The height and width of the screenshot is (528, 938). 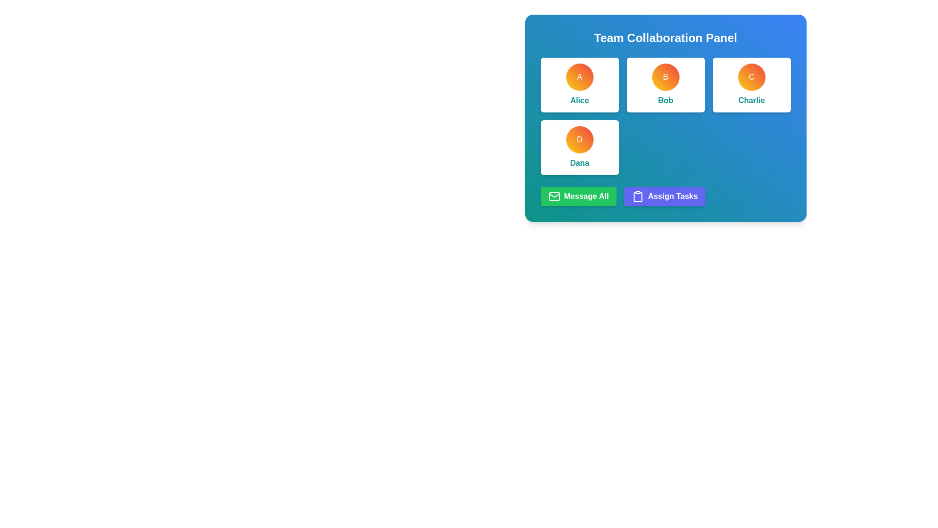 I want to click on the circular avatar icon with a gradient background from yellow to red, containing a bold white letter 'A', located at the top left corner of the Team Collaboration Panel, so click(x=579, y=77).